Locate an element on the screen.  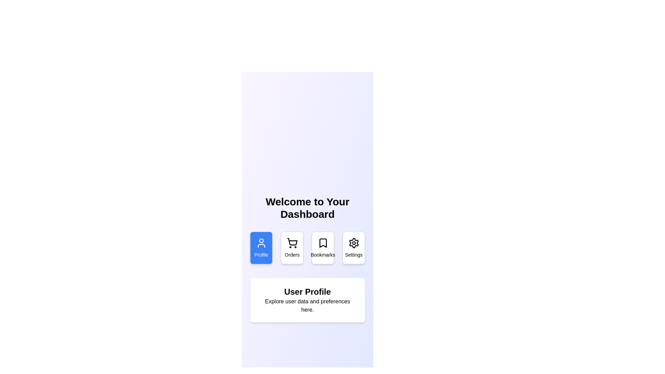
the graphical decorative element inside the 'Profile' button of the dashboard interface, which accentuates the user icon's design is located at coordinates (261, 240).